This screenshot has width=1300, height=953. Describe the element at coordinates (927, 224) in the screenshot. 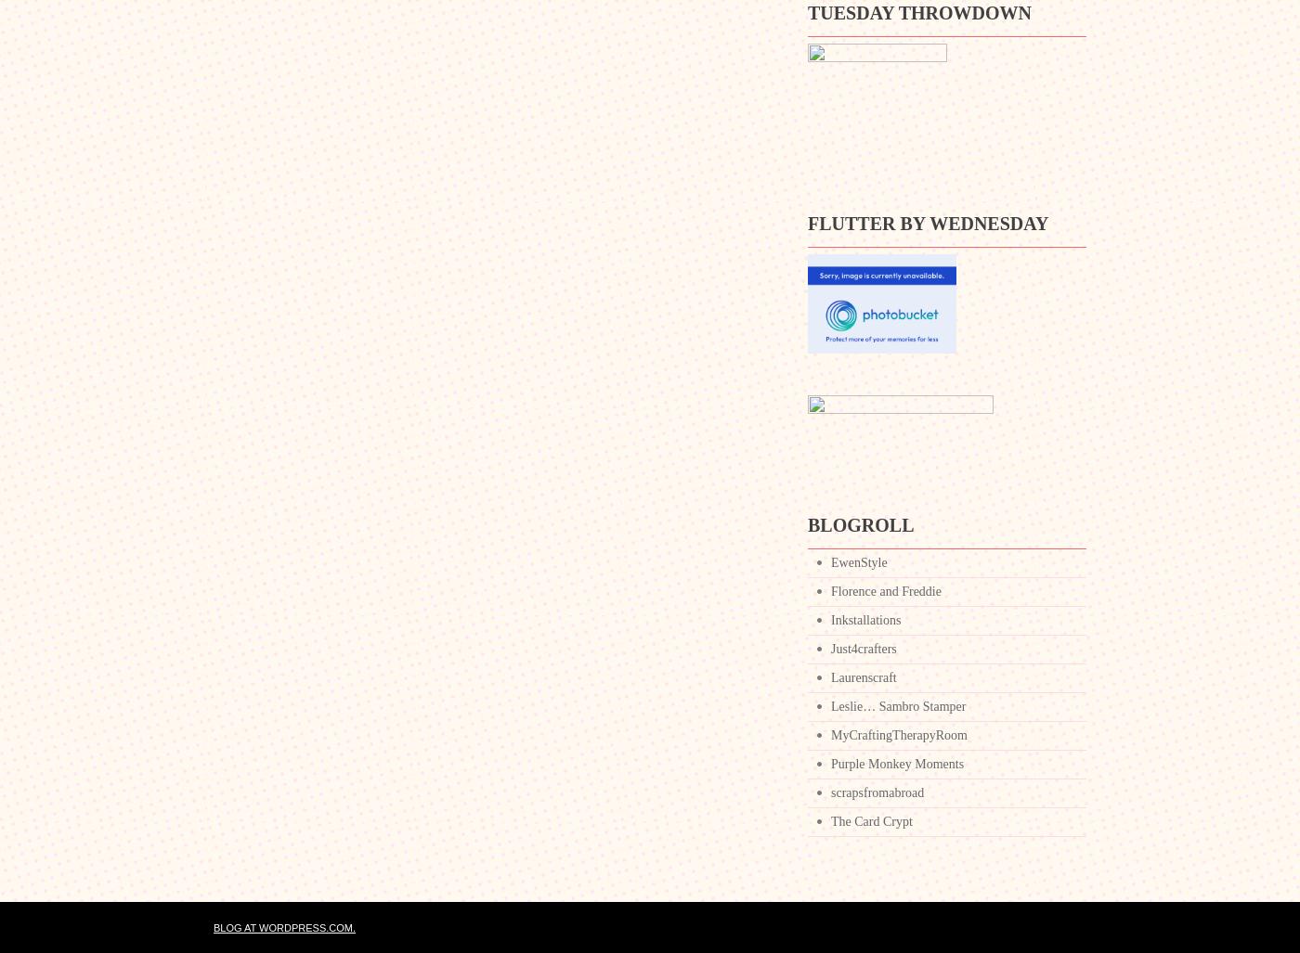

I see `'Flutter By Wednesday'` at that location.